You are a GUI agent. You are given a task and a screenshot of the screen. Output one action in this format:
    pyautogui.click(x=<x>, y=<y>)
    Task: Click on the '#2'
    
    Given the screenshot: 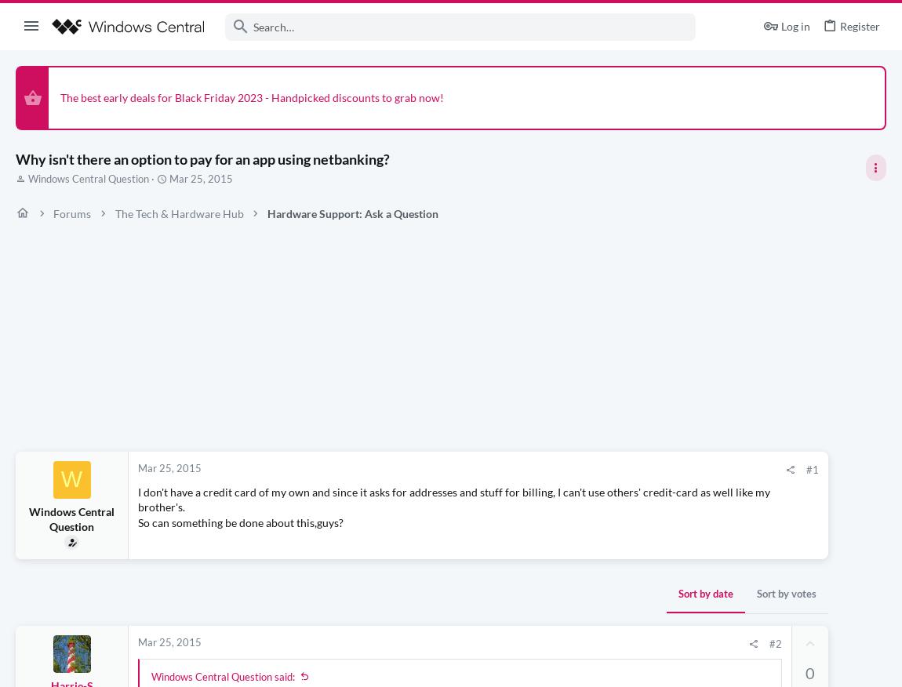 What is the action you would take?
    pyautogui.click(x=575, y=642)
    